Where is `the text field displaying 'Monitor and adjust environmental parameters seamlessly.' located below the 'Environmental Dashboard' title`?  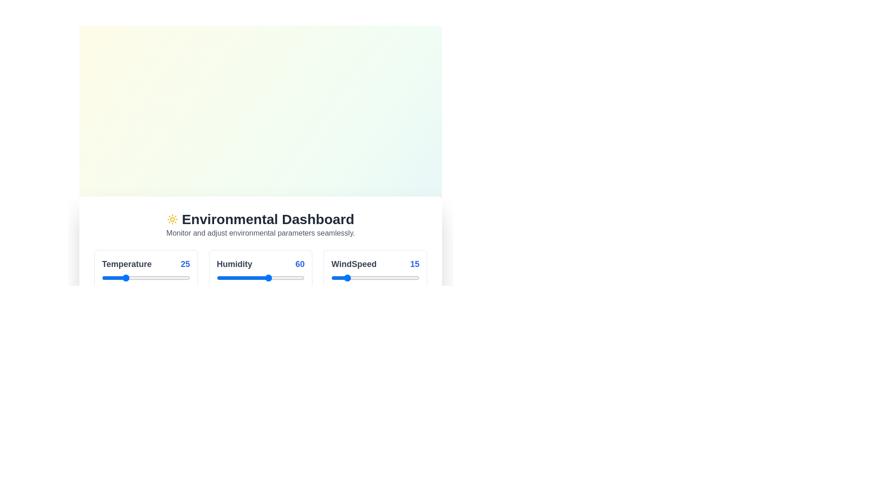
the text field displaying 'Monitor and adjust environmental parameters seamlessly.' located below the 'Environmental Dashboard' title is located at coordinates (260, 232).